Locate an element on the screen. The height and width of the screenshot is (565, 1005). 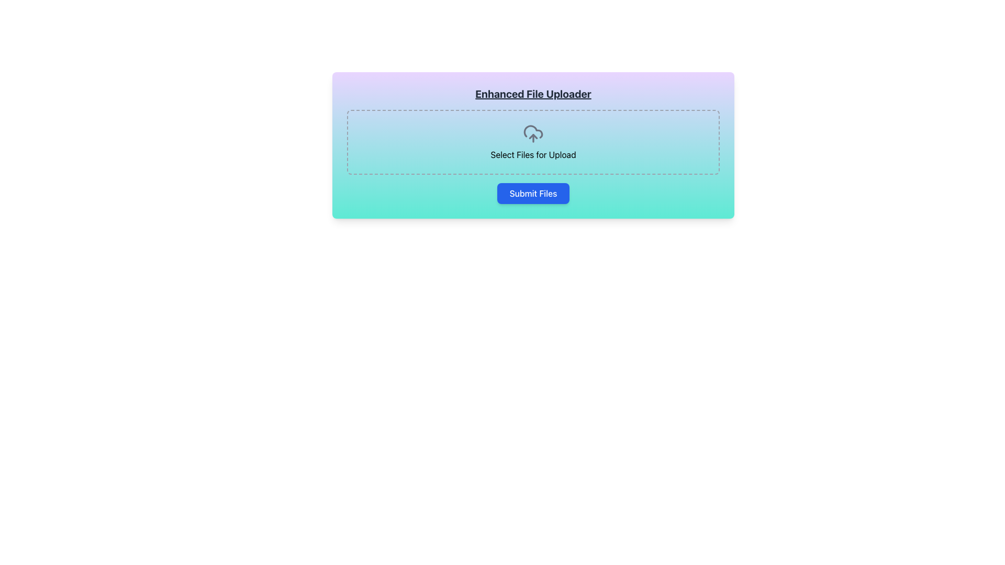
the clickable area for file upload, located below the 'Enhanced File Uploader' heading and above the 'Submit Files' button is located at coordinates (533, 141).